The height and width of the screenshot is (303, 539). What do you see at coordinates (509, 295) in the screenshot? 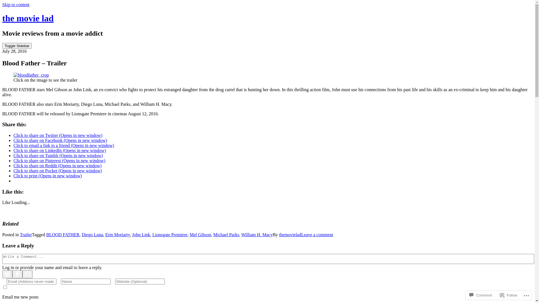
I see `'Follow'` at bounding box center [509, 295].